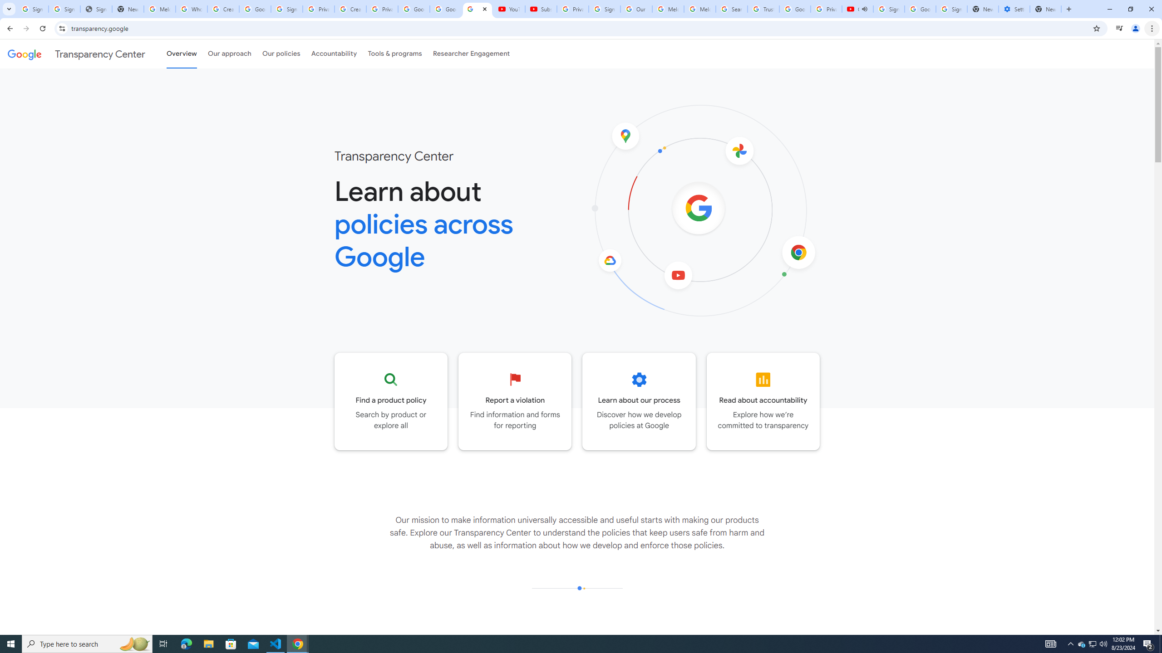 The image size is (1162, 653). Describe the element at coordinates (191, 9) in the screenshot. I see `'Who is my administrator? - Google Account Help'` at that location.